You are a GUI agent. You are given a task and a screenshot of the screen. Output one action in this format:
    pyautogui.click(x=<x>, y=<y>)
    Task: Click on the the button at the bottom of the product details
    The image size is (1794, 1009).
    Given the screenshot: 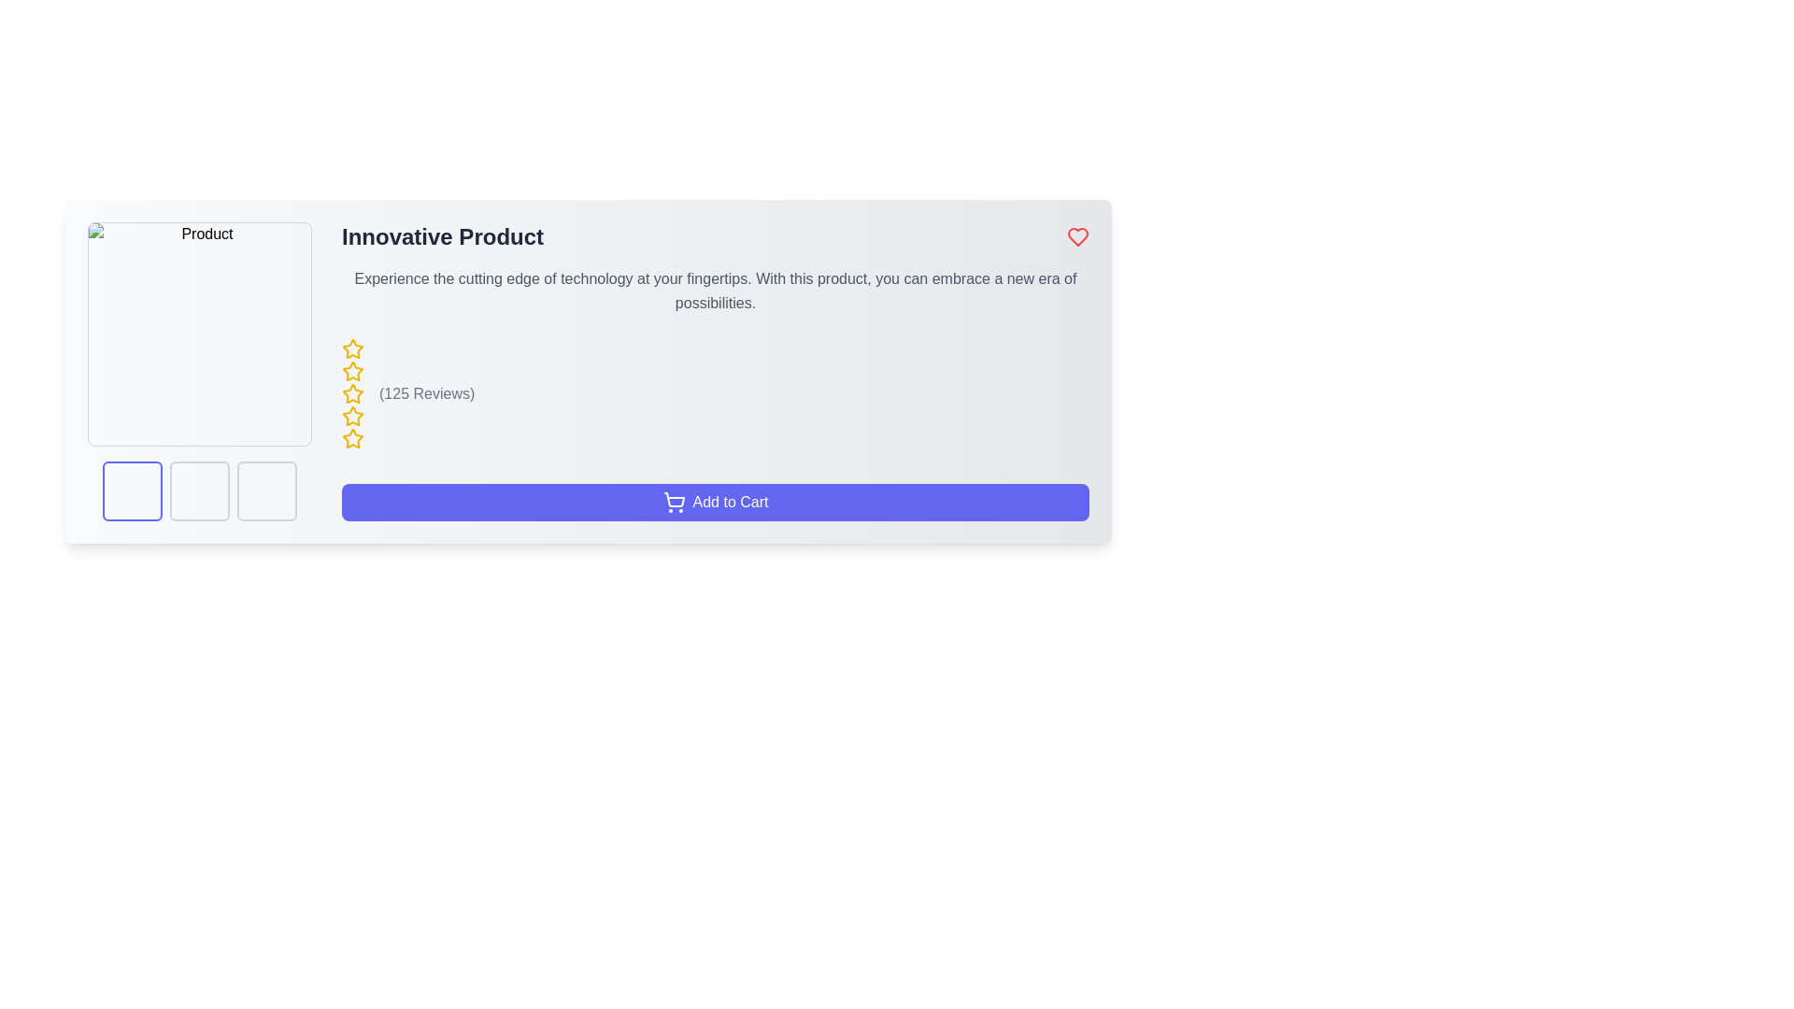 What is the action you would take?
    pyautogui.click(x=715, y=501)
    